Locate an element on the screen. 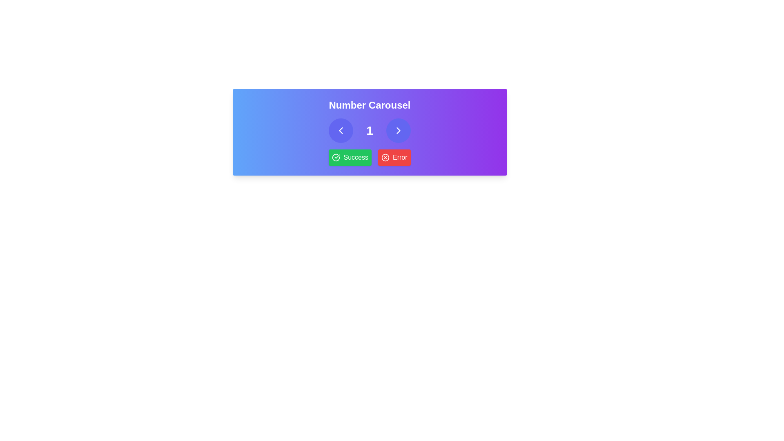 The width and height of the screenshot is (784, 441). the text element displaying the number '1', which is styled in bold white font and located centrally between navigation arrows in a carousel interface is located at coordinates (369, 130).